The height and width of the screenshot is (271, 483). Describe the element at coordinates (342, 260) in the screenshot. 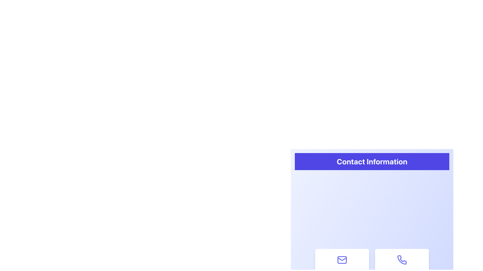

I see `the indigo envelope icon that symbolizes email communication, which is prominently positioned at the top of its card layout, above the 'Email' text and email address` at that location.